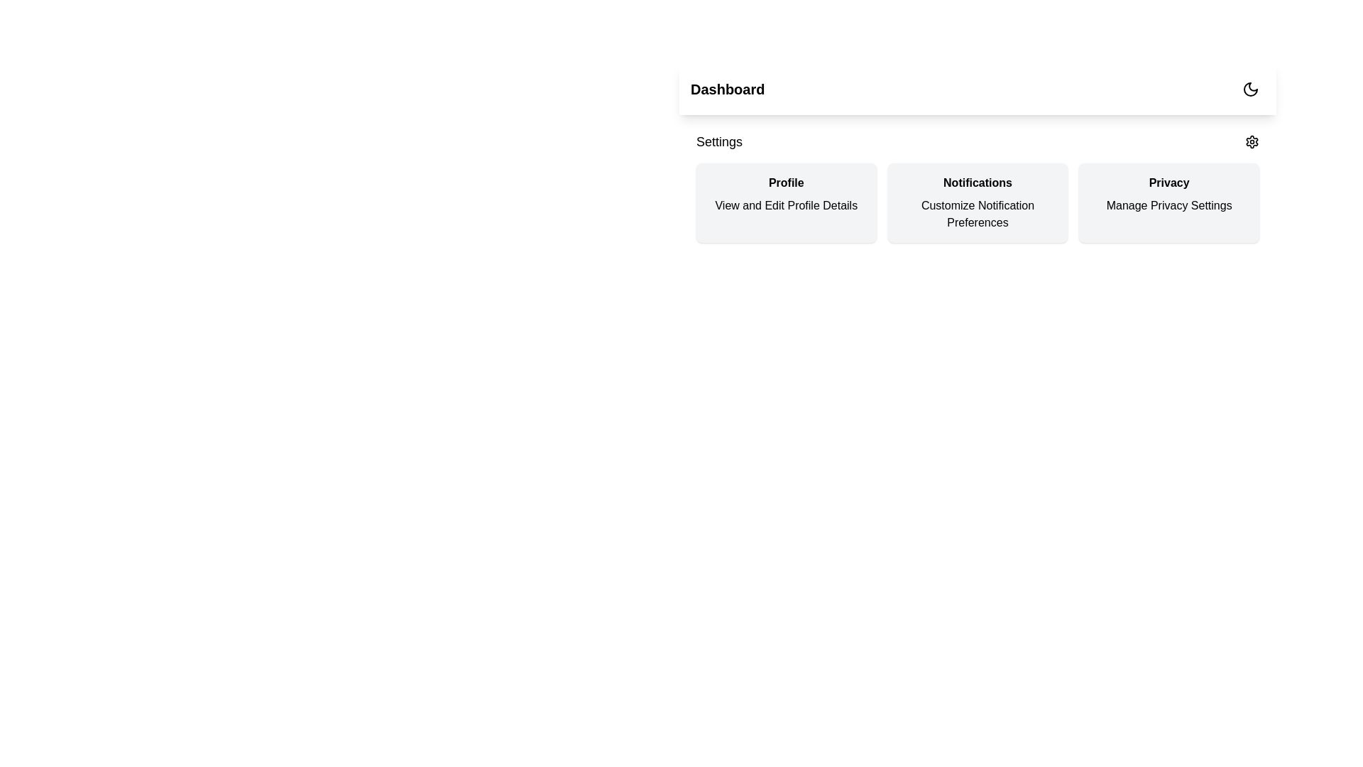  Describe the element at coordinates (719, 142) in the screenshot. I see `the Text label that indicates the associated section or settings page, located below the 'Dashboard' label and aligned with the settings icon` at that location.